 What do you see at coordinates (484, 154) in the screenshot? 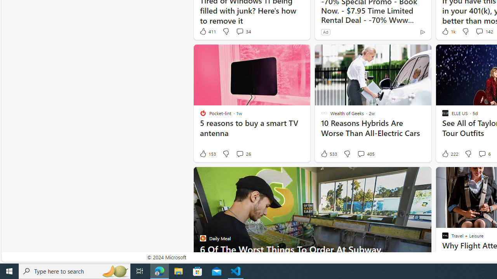
I see `'View comments 6 Comment'` at bounding box center [484, 154].